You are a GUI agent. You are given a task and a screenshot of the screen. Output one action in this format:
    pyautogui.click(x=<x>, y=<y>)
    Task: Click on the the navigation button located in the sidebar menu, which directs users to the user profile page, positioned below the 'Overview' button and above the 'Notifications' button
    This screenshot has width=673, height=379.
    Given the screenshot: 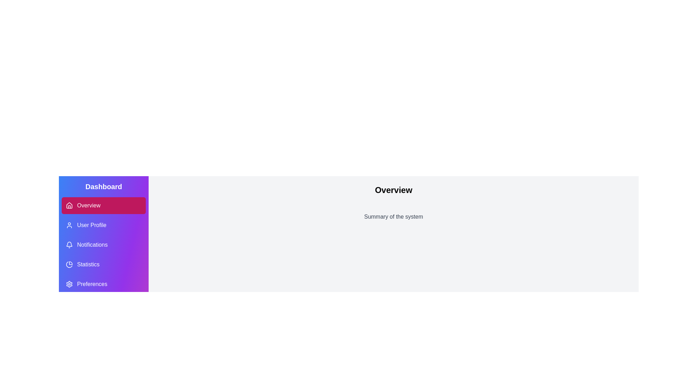 What is the action you would take?
    pyautogui.click(x=103, y=225)
    